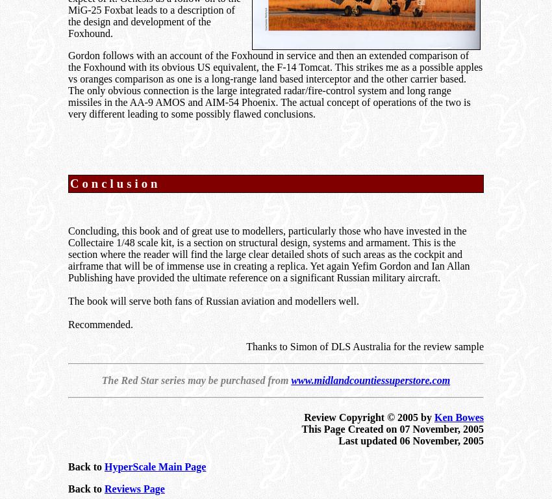  Describe the element at coordinates (67, 84) in the screenshot. I see `'Gordon follows with an account of the Foxhound in service and 
			then an extended comparison of the Foxhound with its obvious US 
			equivalent, the F-14 Tomcat. This strikes me as a possible apples vs 
			oranges comparison as one is a long-range land based interceptor and 
			the other carrier based. The only obvious connection is the large 
			integrated radar/fire-control system and long range missiles in the 
			AA-9 AMOS and AIM-54 Phoenix. The actual concept of operations of 
			the two is very different leading to some possibly flawed 
			conclusions.'` at that location.